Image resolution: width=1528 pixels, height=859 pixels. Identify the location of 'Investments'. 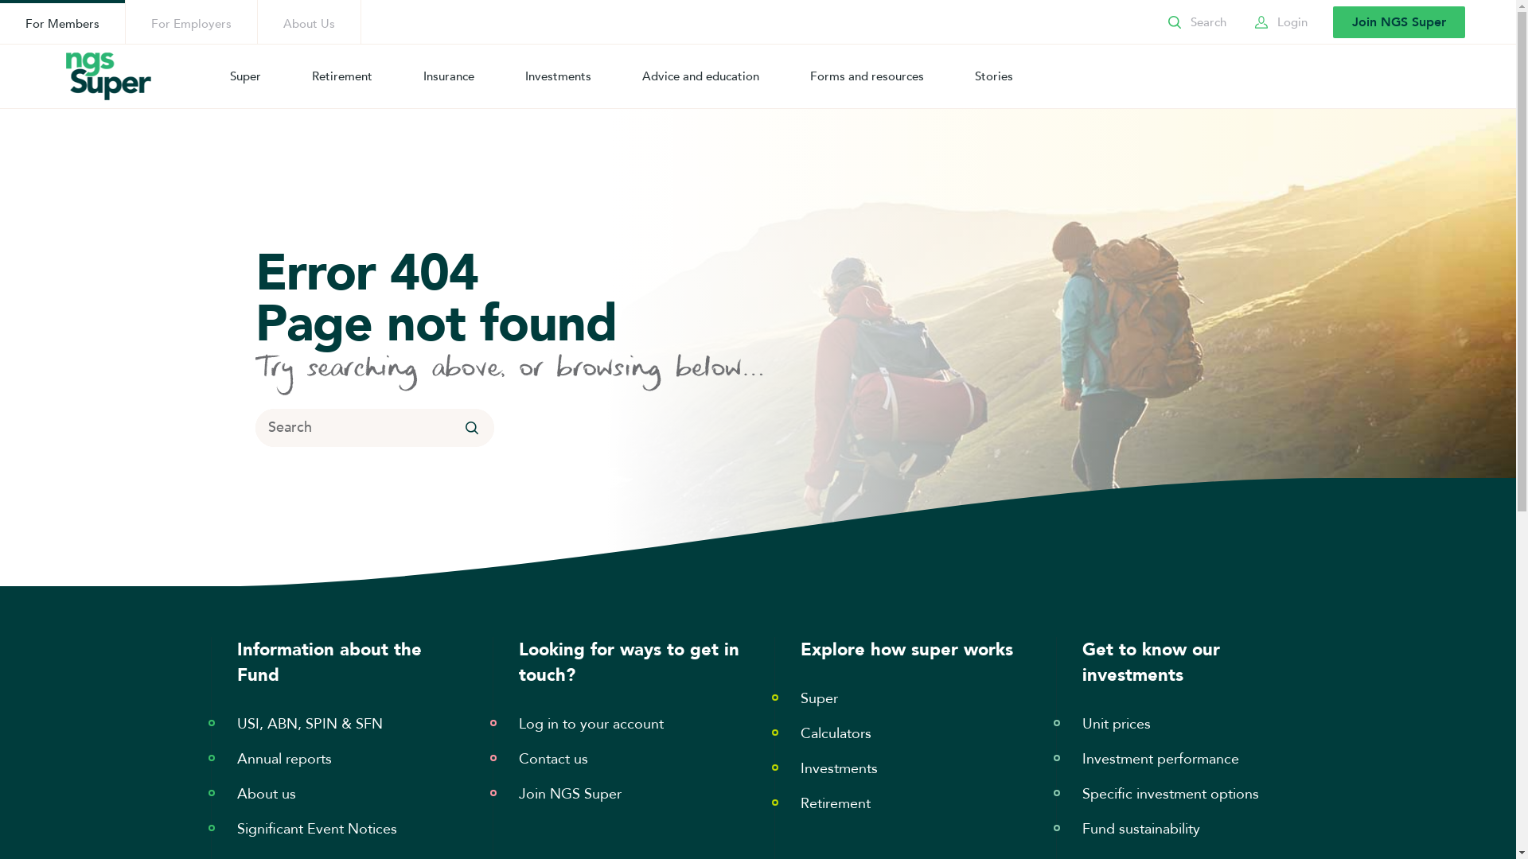
(499, 76).